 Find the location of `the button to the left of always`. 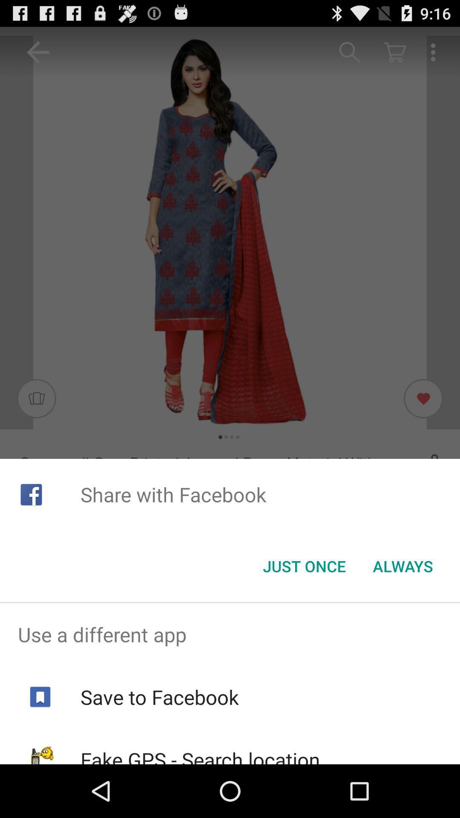

the button to the left of always is located at coordinates (304, 566).